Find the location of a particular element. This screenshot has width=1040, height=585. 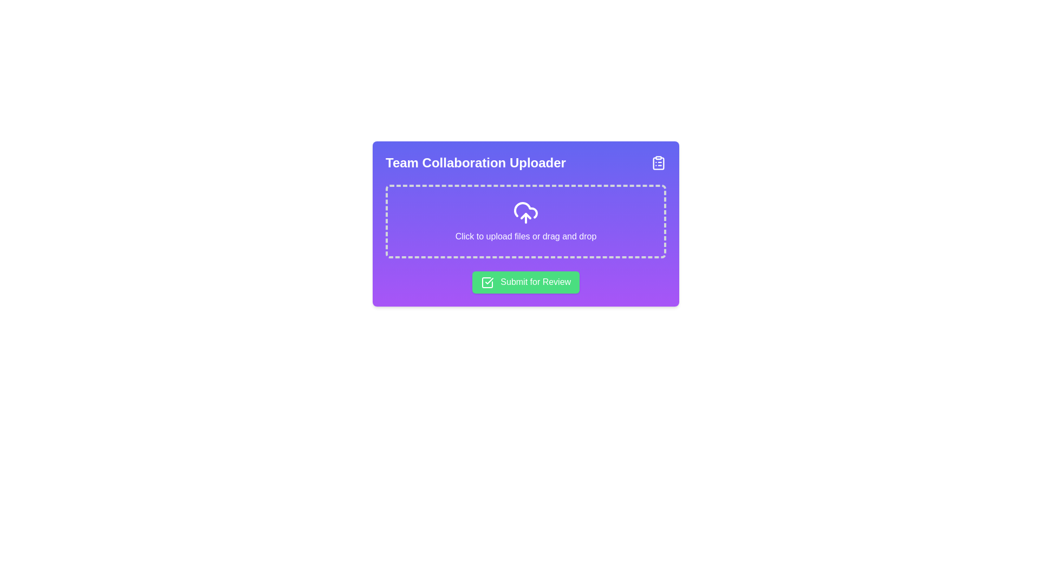

and drop files into the upload area of the 'Team Collaboration Uploader' component, which features a dashed border for file uploads is located at coordinates (525, 223).